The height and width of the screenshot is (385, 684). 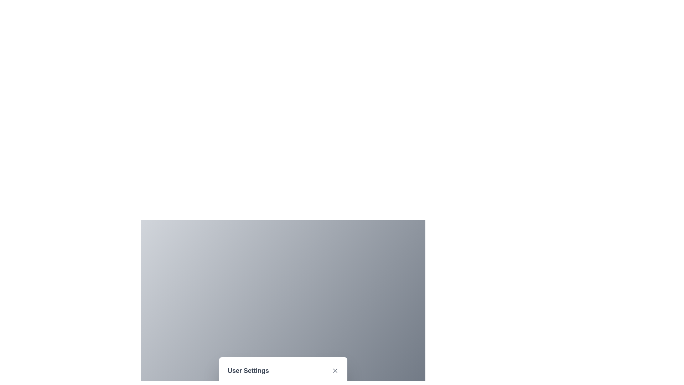 I want to click on the 'X' icon element used for closing or dismissing dialog boxes in the 'User Settings' dialog, which is represented by a diagonal line in the SVG icon, so click(x=335, y=370).